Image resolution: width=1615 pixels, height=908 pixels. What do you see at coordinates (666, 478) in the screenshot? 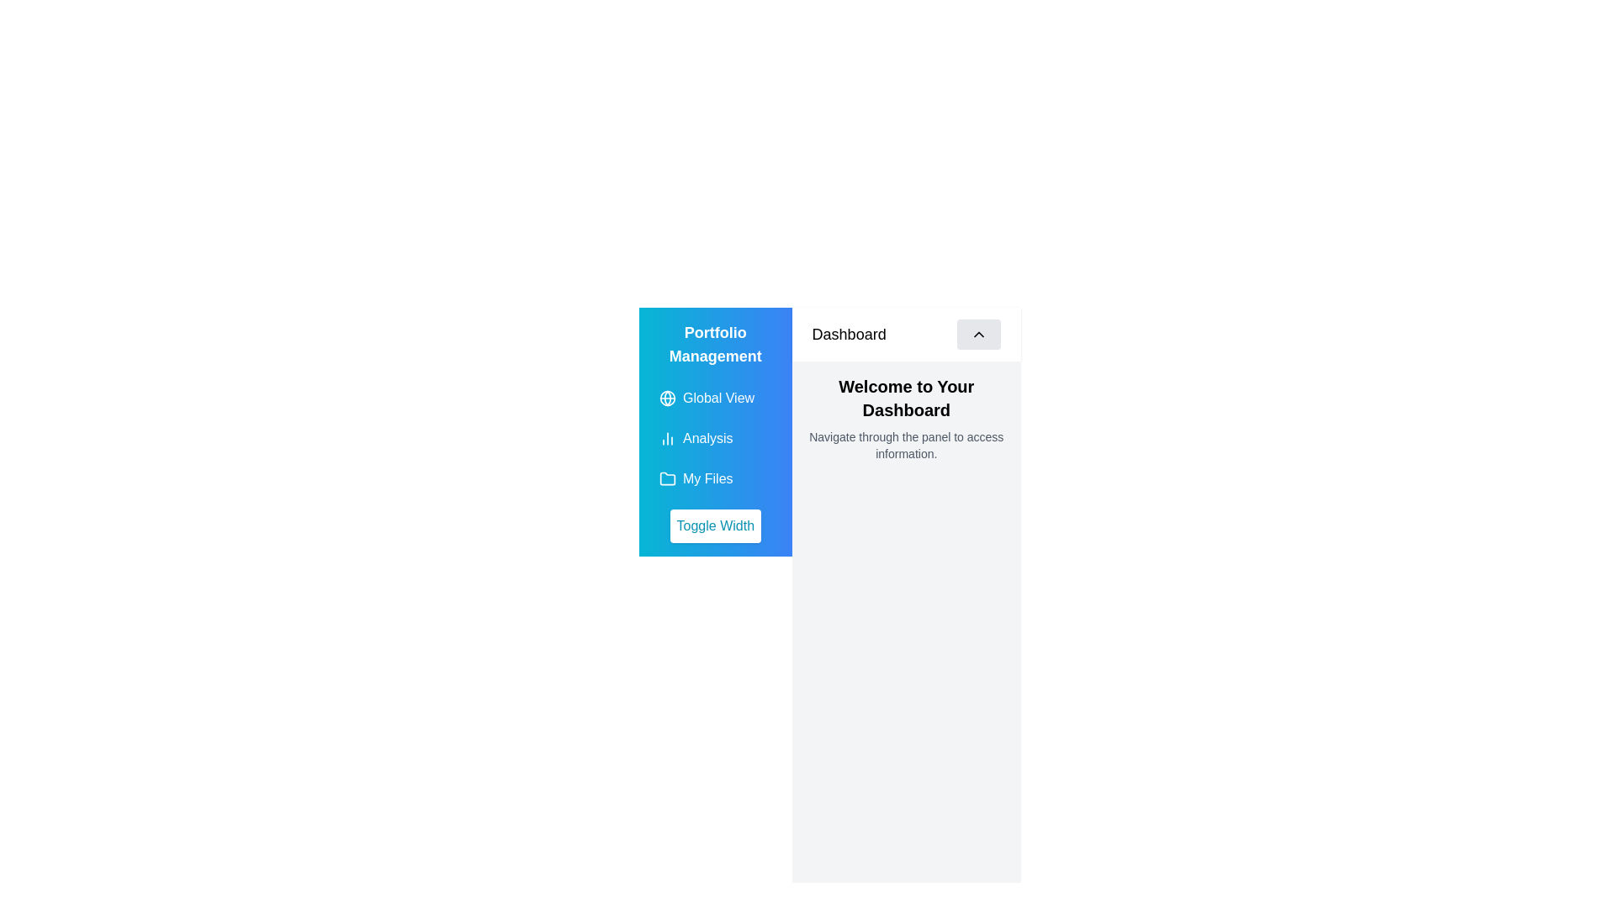
I see `the folder icon located in the vertical navigation bar adjacent to the text 'My Files'` at bounding box center [666, 478].